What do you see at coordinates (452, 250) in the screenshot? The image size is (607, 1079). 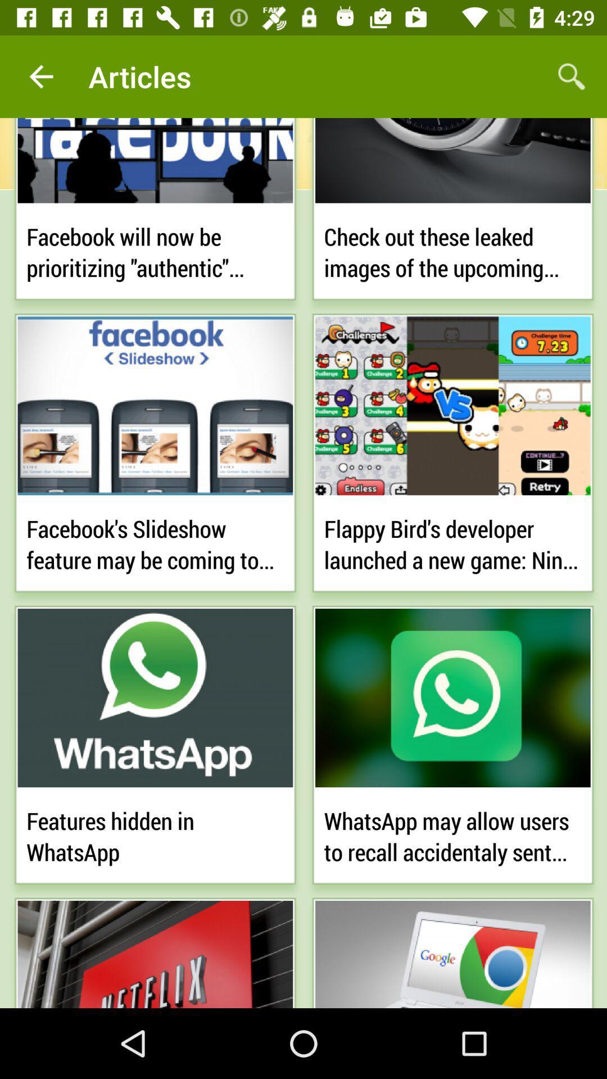 I see `the check out these item` at bounding box center [452, 250].